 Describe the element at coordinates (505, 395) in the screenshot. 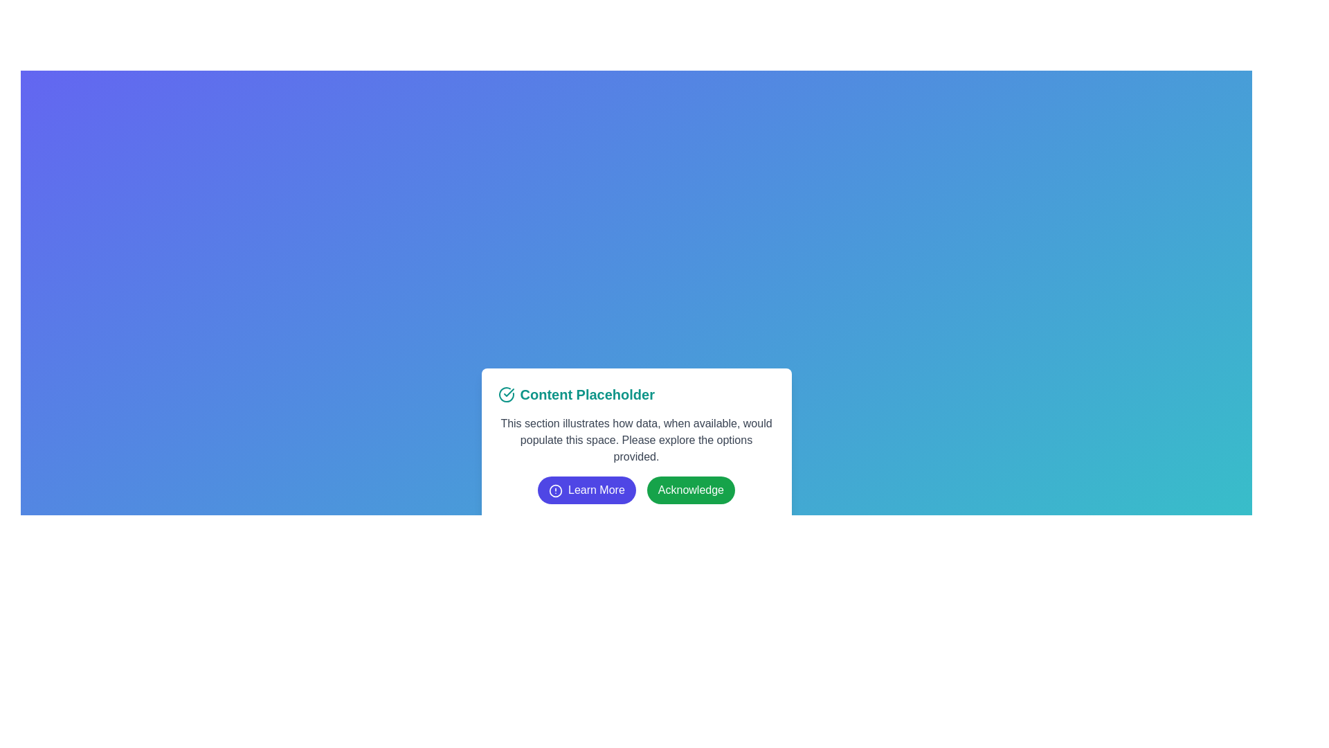

I see `the confirmation icon located to the left of the 'Content Placeholder' text in the upper-left corner of its group within the pop-up component` at that location.